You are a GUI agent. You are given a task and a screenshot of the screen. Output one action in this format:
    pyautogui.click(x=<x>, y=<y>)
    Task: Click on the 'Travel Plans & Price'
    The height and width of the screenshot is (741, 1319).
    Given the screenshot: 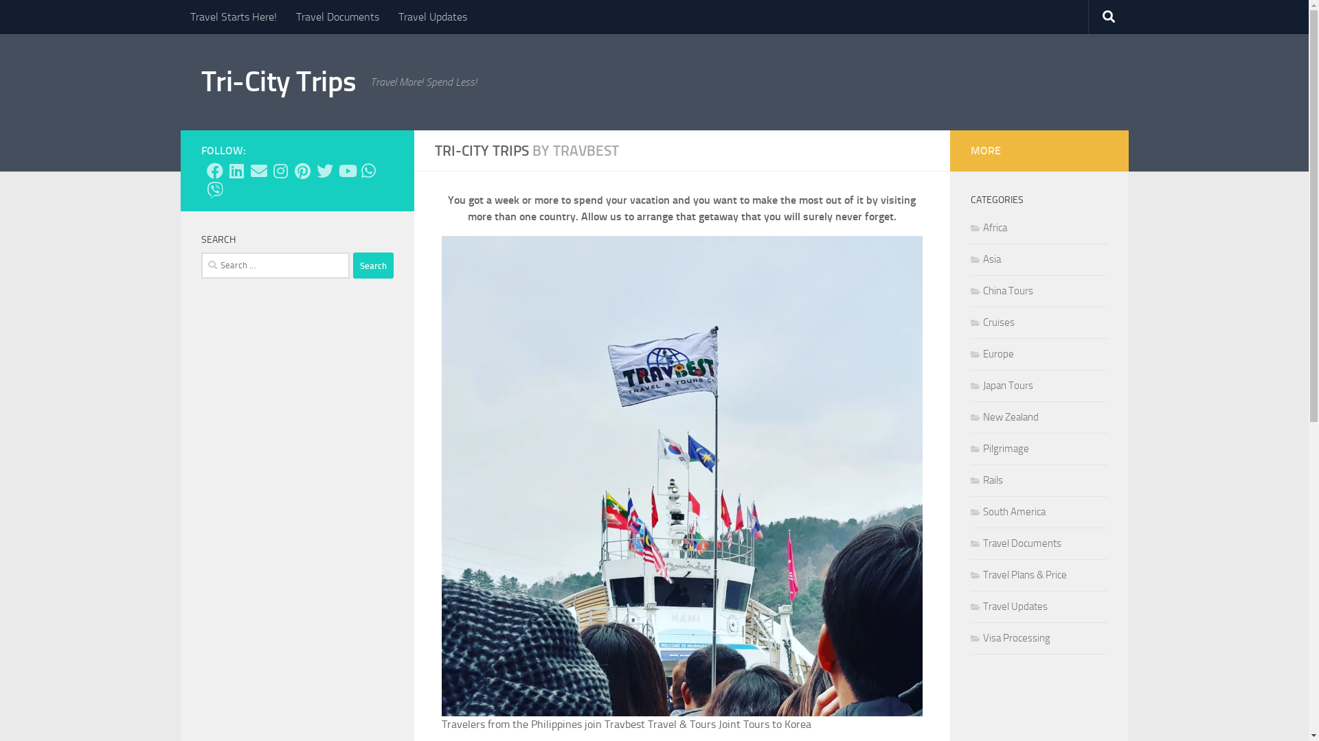 What is the action you would take?
    pyautogui.click(x=969, y=574)
    